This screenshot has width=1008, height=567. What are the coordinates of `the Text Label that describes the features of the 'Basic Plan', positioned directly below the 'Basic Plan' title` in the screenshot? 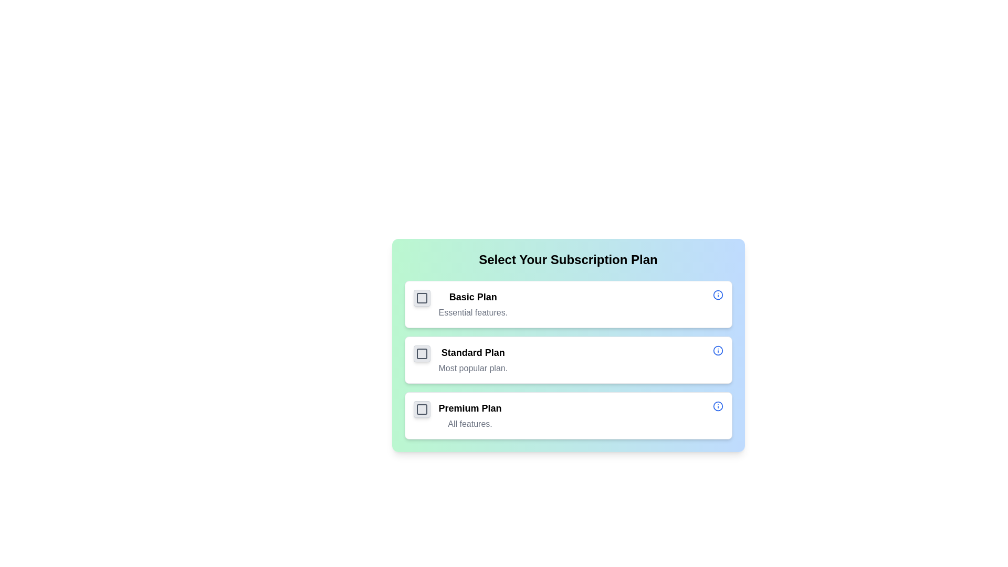 It's located at (472, 312).